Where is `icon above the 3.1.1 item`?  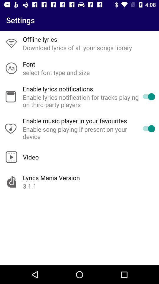 icon above the 3.1.1 item is located at coordinates (51, 177).